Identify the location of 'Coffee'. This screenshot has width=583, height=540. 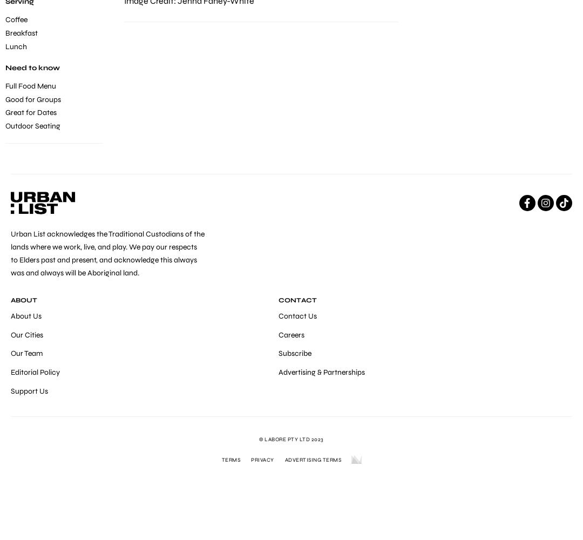
(5, 19).